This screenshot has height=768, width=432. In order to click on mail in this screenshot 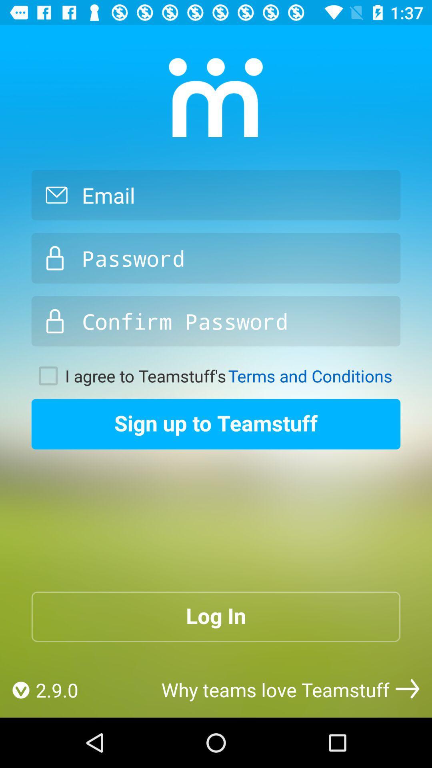, I will do `click(216, 195)`.